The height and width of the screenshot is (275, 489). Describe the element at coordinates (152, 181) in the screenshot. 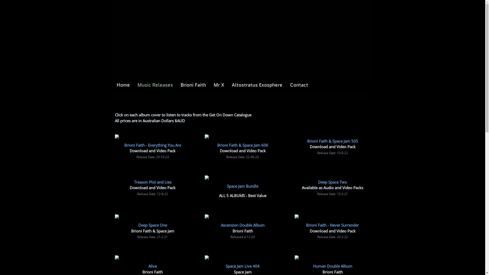

I see `'Treason Plot and Lies'` at that location.